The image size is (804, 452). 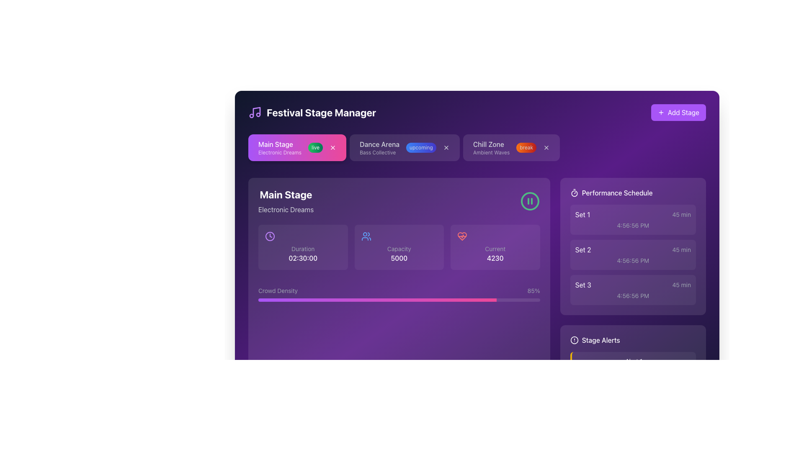 What do you see at coordinates (377, 300) in the screenshot?
I see `the filled region of the progress bar indicator, which is a sleek horizontal gradient bar transitioning from purple to pink, located centrally at the lower part of the 'Main Stage' section` at bounding box center [377, 300].